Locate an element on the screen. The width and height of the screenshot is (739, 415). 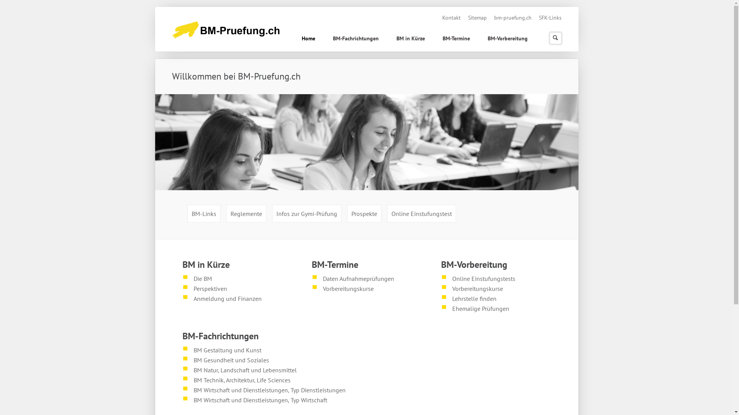
'Online Einstufungstests' is located at coordinates (452, 279).